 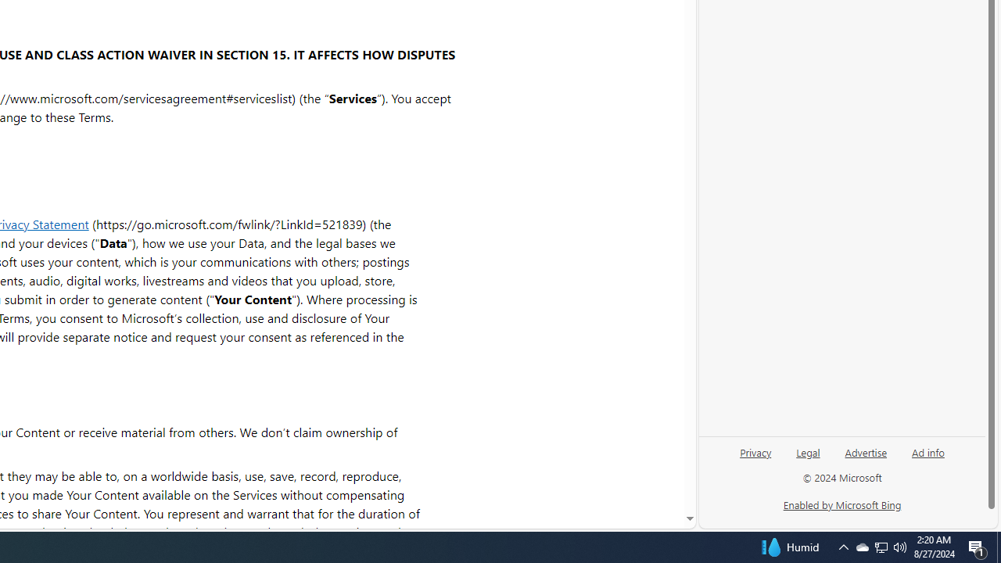 What do you see at coordinates (808, 451) in the screenshot?
I see `'Legal'` at bounding box center [808, 451].